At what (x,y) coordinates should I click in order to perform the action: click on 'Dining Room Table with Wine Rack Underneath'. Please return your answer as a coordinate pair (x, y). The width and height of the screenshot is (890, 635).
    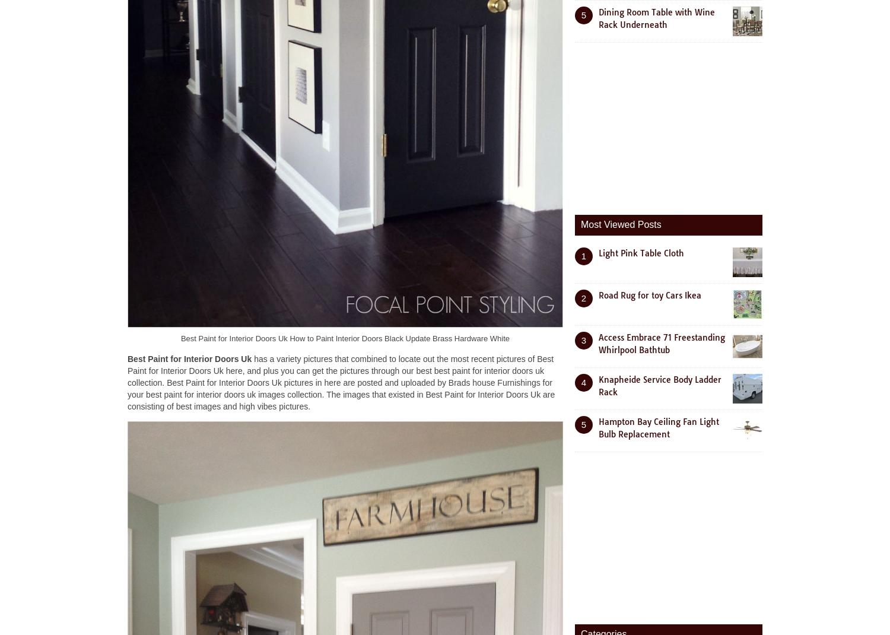
    Looking at the image, I should click on (656, 17).